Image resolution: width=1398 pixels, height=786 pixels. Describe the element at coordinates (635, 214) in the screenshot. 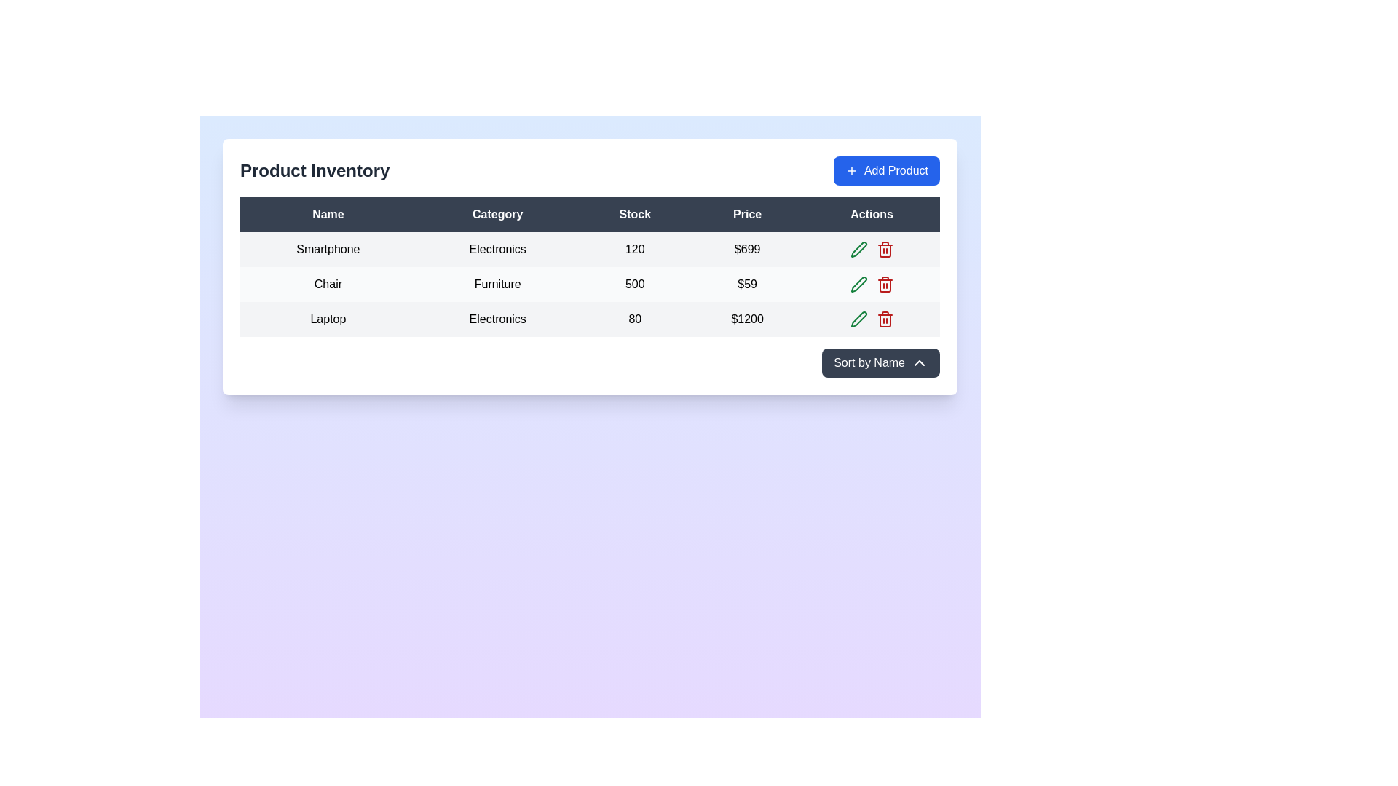

I see `the 'Stock' table header, which is the third header in the product inventory table` at that location.